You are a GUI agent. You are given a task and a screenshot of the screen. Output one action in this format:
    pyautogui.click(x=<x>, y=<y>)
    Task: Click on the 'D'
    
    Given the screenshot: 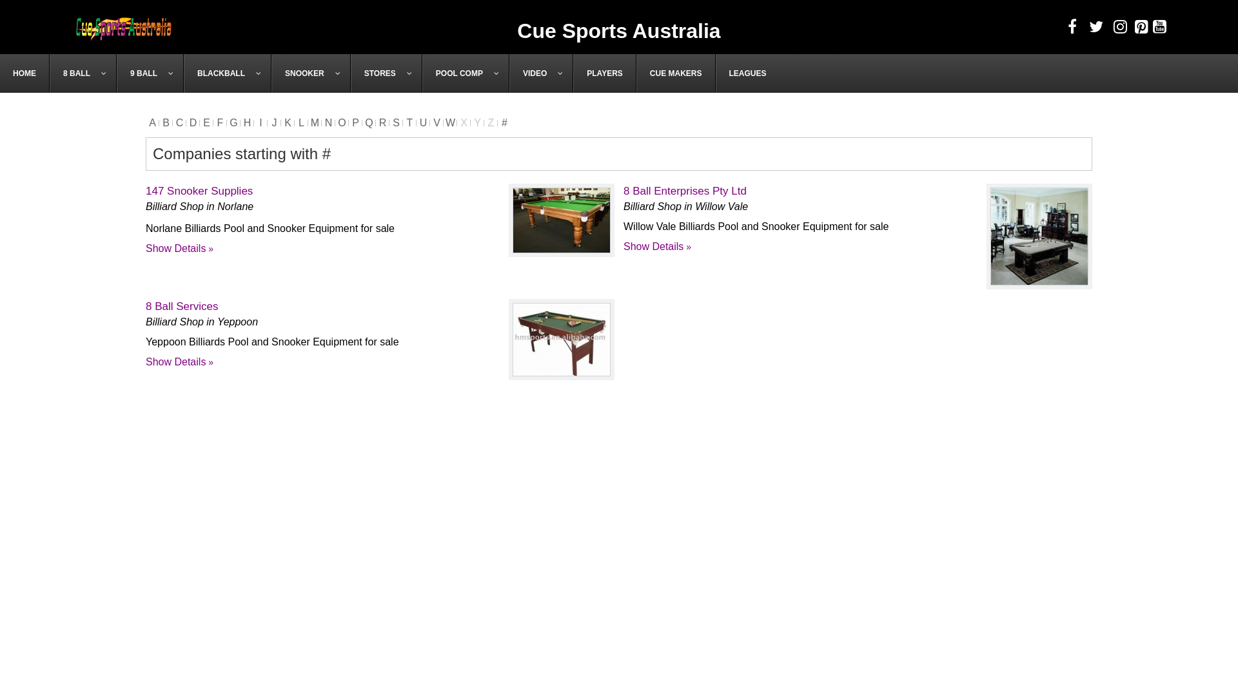 What is the action you would take?
    pyautogui.click(x=192, y=122)
    